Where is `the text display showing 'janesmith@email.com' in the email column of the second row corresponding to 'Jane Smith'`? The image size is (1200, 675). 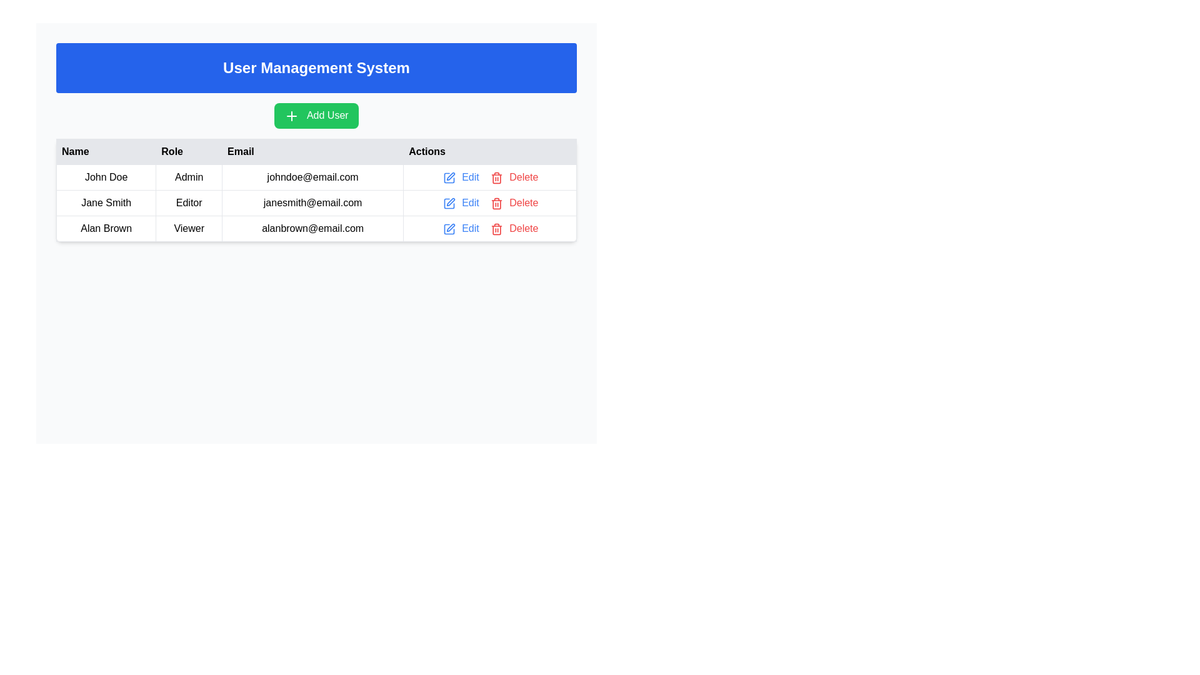 the text display showing 'janesmith@email.com' in the email column of the second row corresponding to 'Jane Smith' is located at coordinates (312, 202).